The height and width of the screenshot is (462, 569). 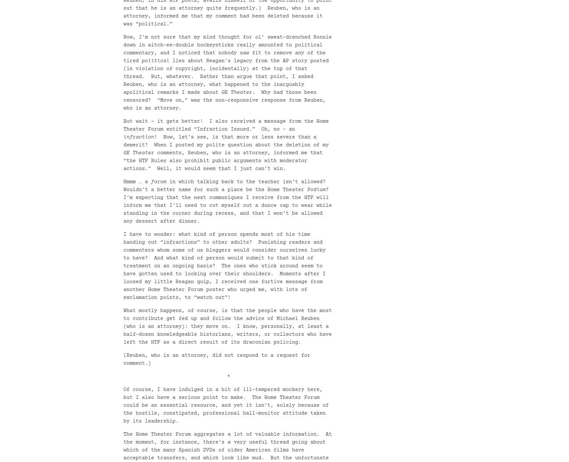 What do you see at coordinates (155, 61) in the screenshot?
I see `'political'` at bounding box center [155, 61].